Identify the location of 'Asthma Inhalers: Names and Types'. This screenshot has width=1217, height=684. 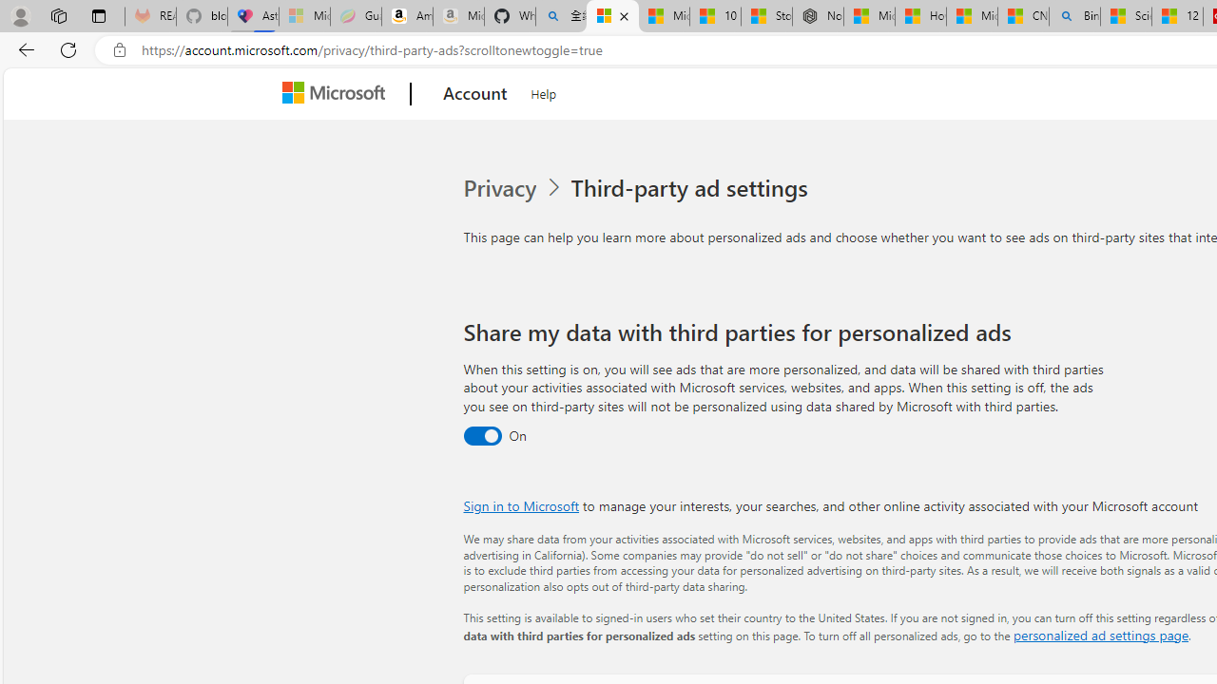
(252, 16).